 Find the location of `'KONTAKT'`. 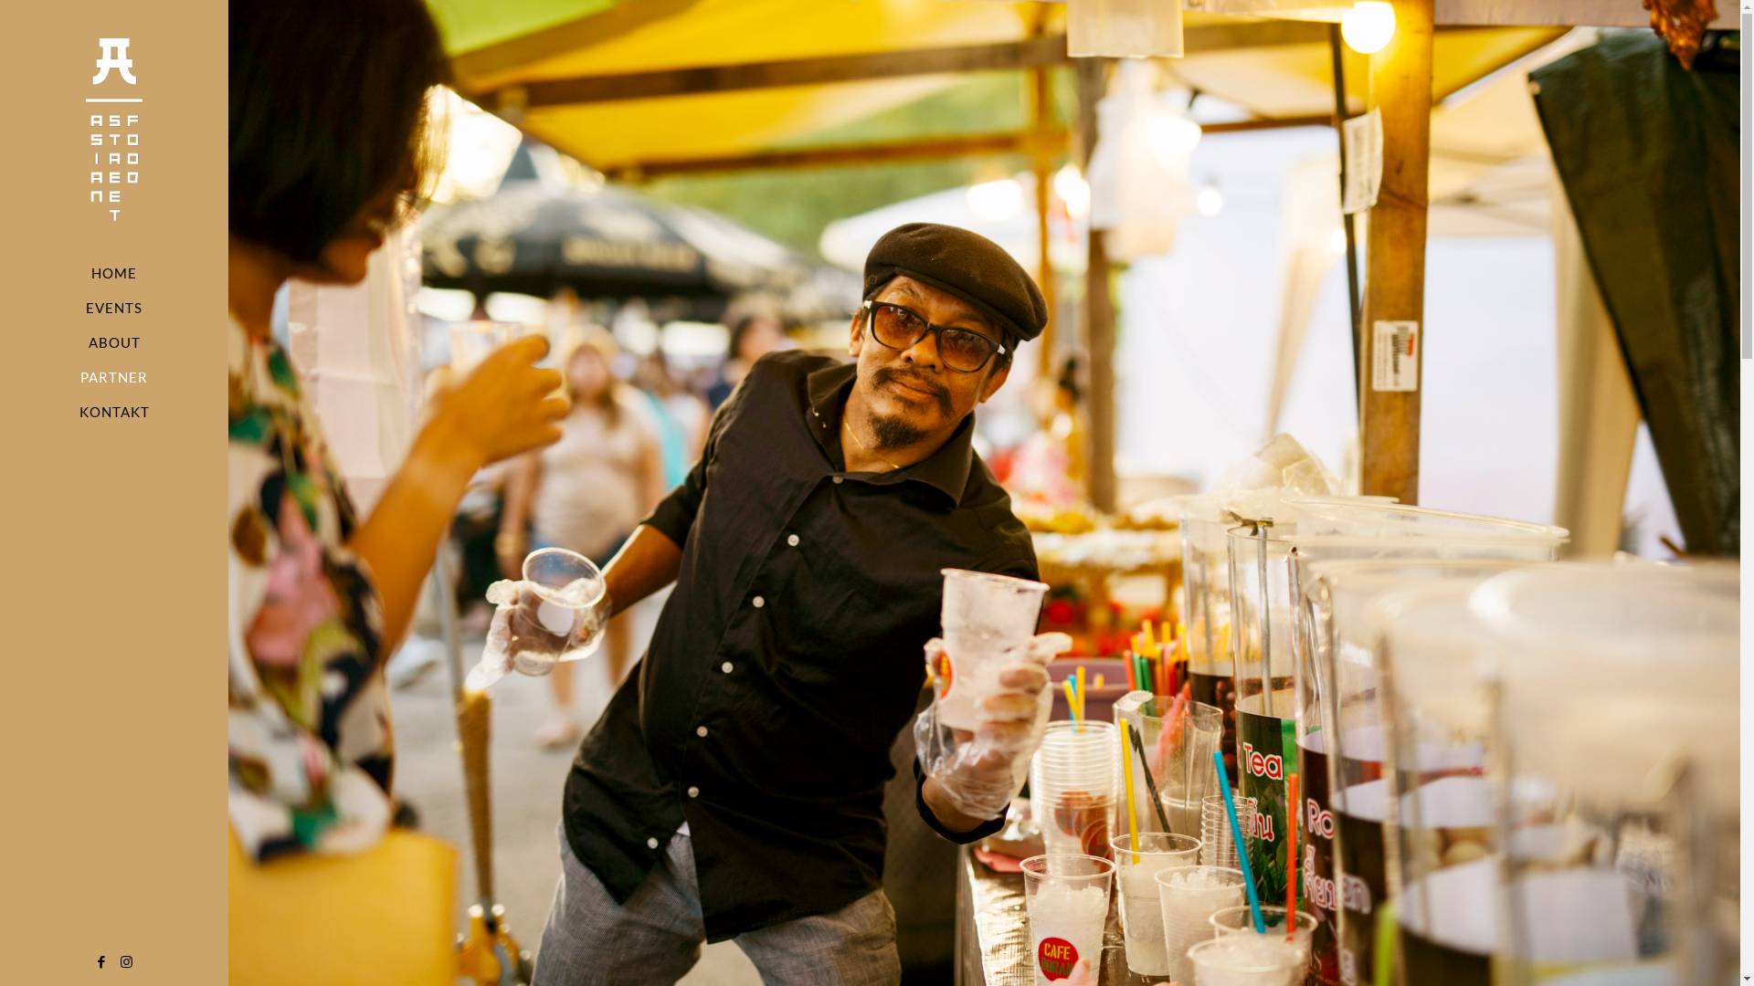

'KONTAKT' is located at coordinates (112, 412).